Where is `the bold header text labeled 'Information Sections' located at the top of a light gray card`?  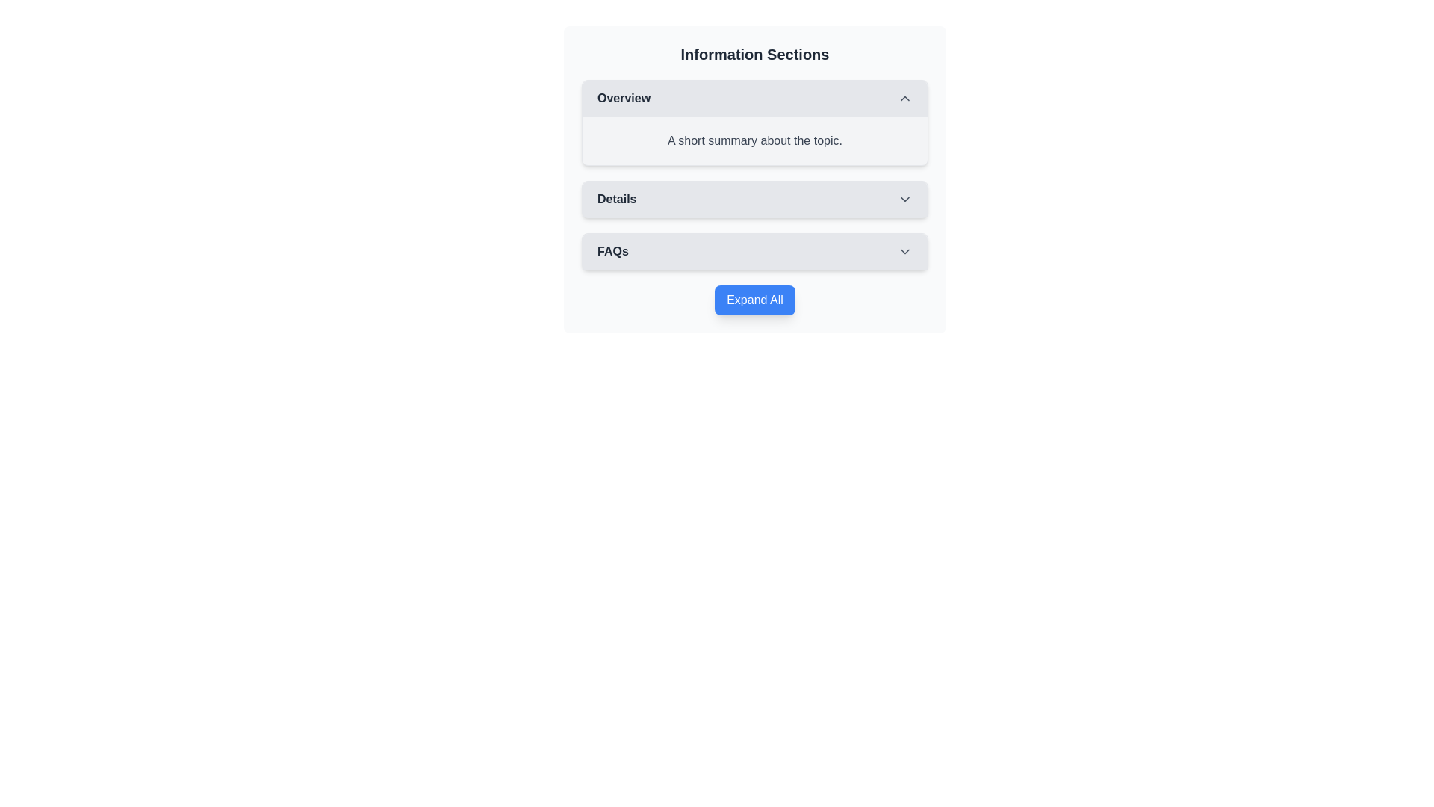 the bold header text labeled 'Information Sections' located at the top of a light gray card is located at coordinates (755, 54).